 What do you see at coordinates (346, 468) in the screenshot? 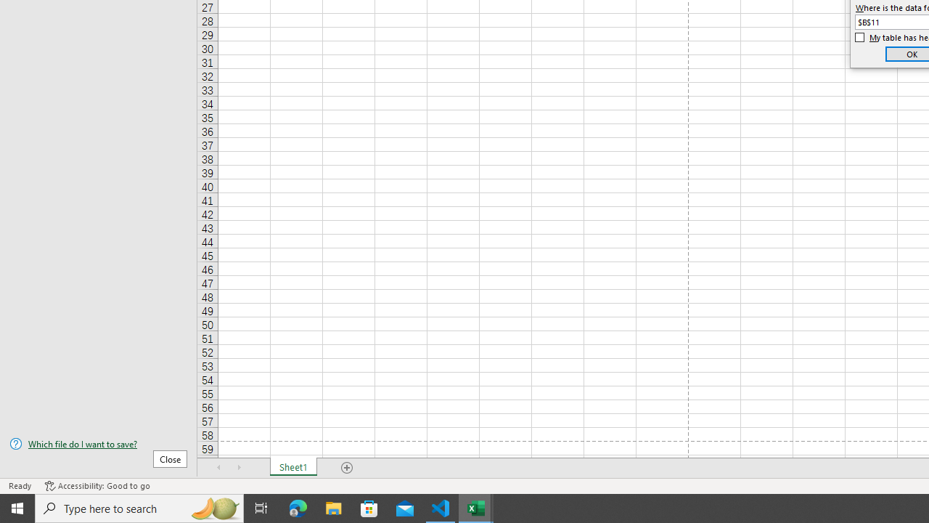
I see `'Add Sheet'` at bounding box center [346, 468].